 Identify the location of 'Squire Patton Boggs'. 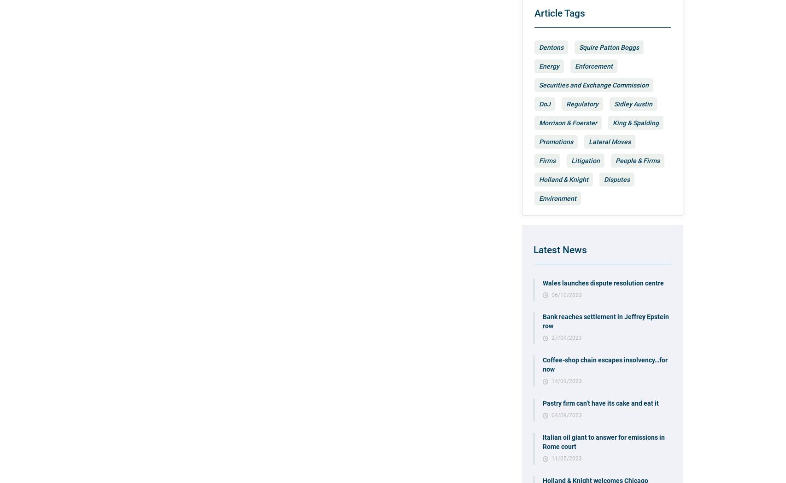
(579, 46).